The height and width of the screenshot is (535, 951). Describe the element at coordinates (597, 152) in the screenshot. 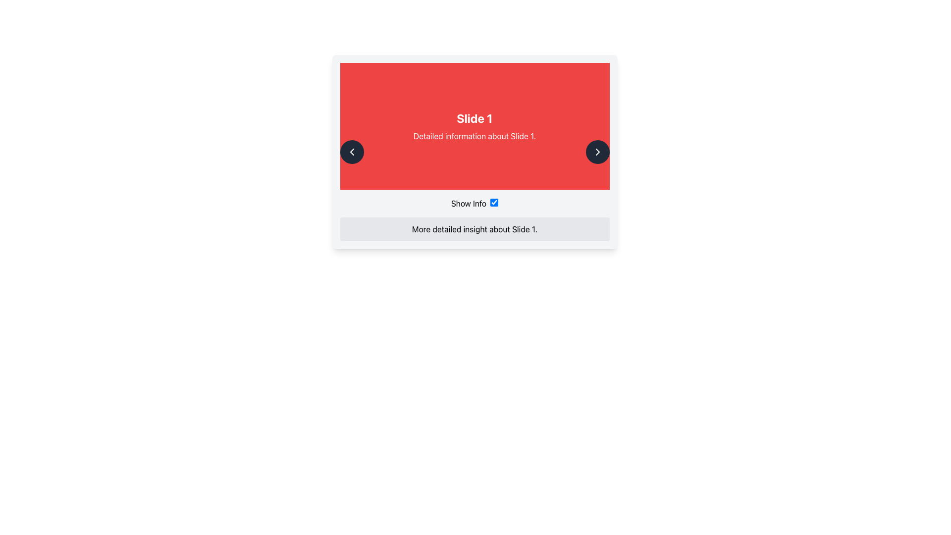

I see `the 'next slide' button located on the right side of the slideshow area` at that location.